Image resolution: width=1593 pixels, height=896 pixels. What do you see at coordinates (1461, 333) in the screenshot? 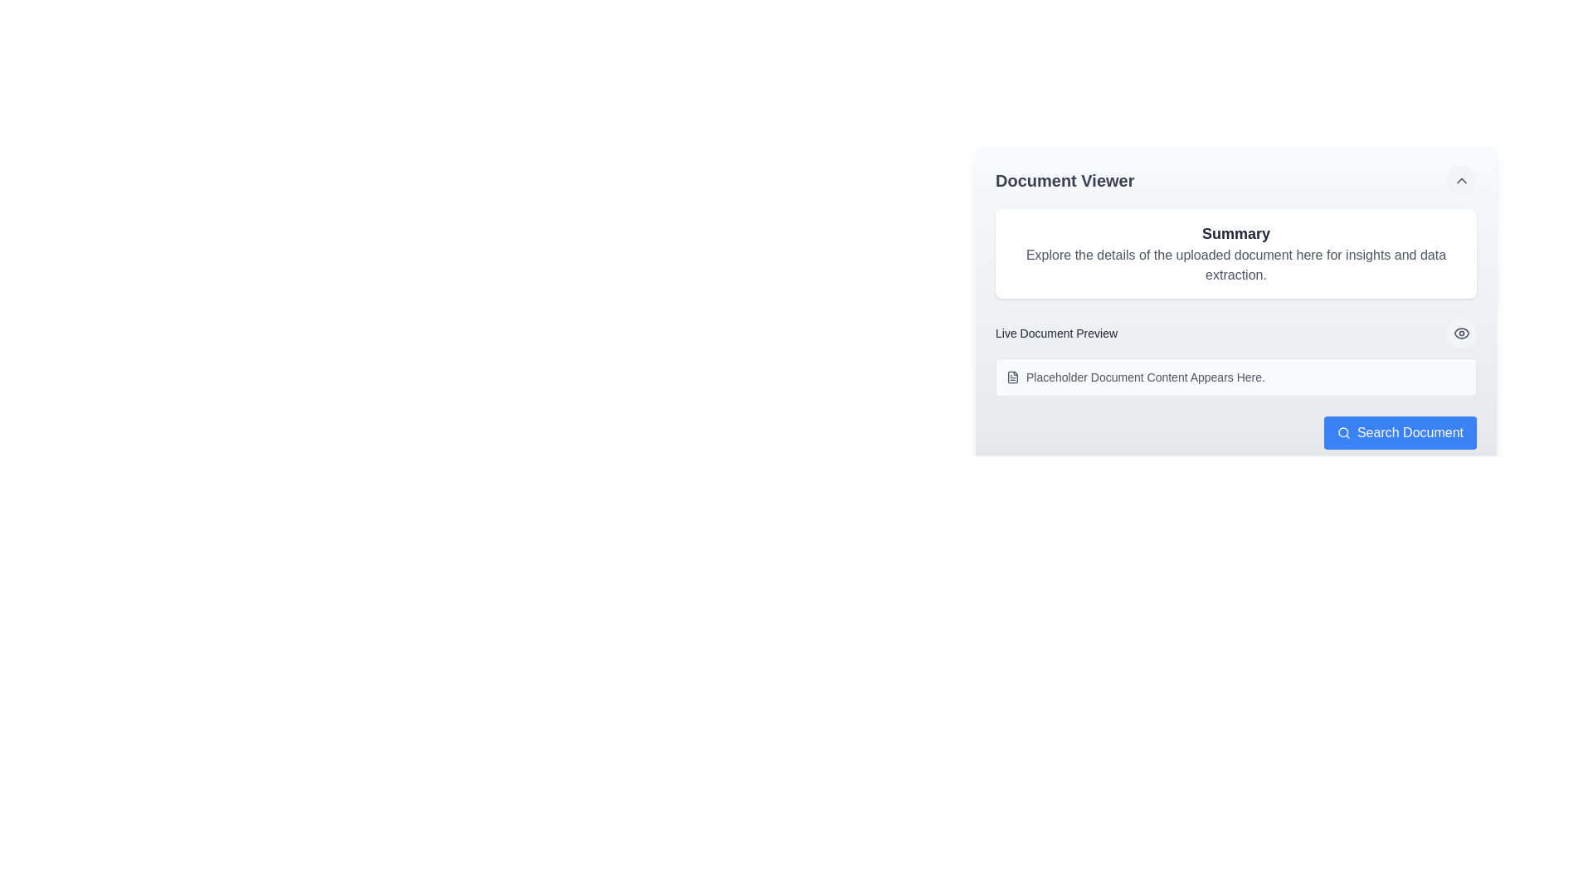
I see `the eye-shaped icon located at the top-right corner of the document viewer interface to trigger its hover effects` at bounding box center [1461, 333].